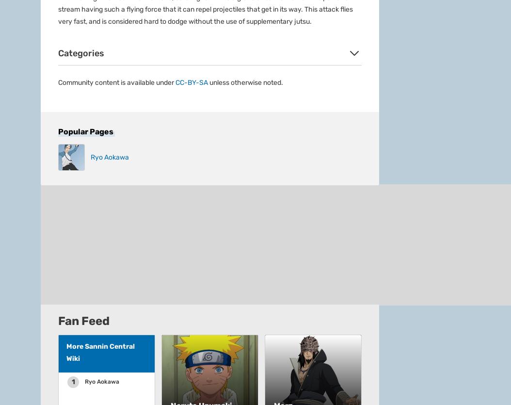  What do you see at coordinates (57, 81) in the screenshot?
I see `'Advertise'` at bounding box center [57, 81].